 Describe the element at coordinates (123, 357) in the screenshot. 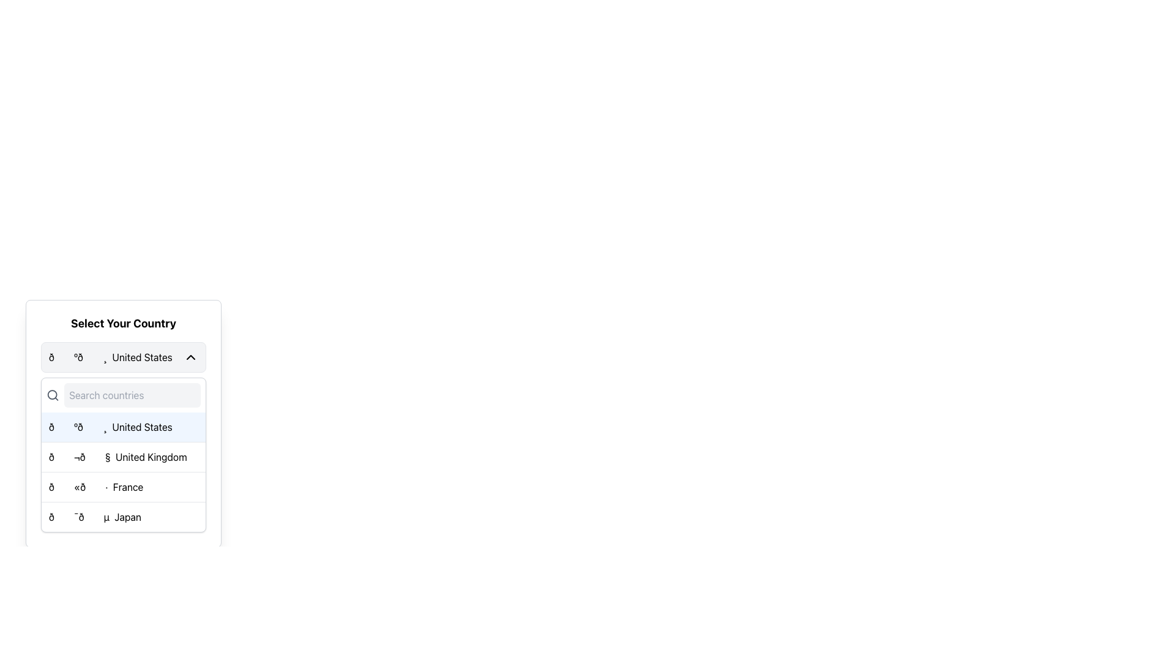

I see `the Dropdown activator with a gray background, rounded corners, and a bordered rectangular shape that displays the United States flag emoji and the text 'United States'` at that location.